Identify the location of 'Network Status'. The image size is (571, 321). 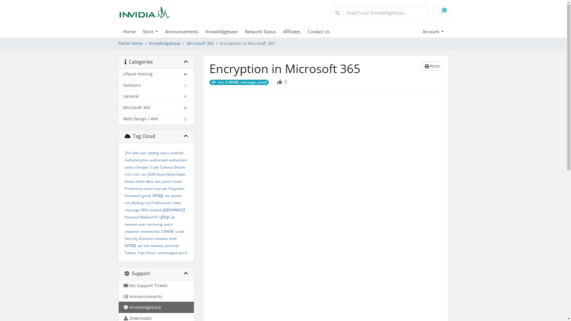
(263, 31).